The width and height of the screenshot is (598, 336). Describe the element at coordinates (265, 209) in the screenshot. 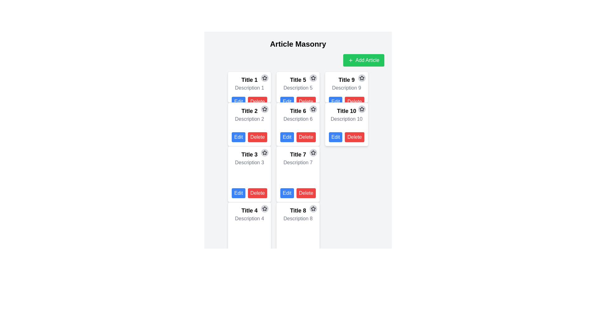

I see `the button located at the top-right corner of the card labeled 'Title 4 Description 4' to mark or unmark it as favorite` at that location.